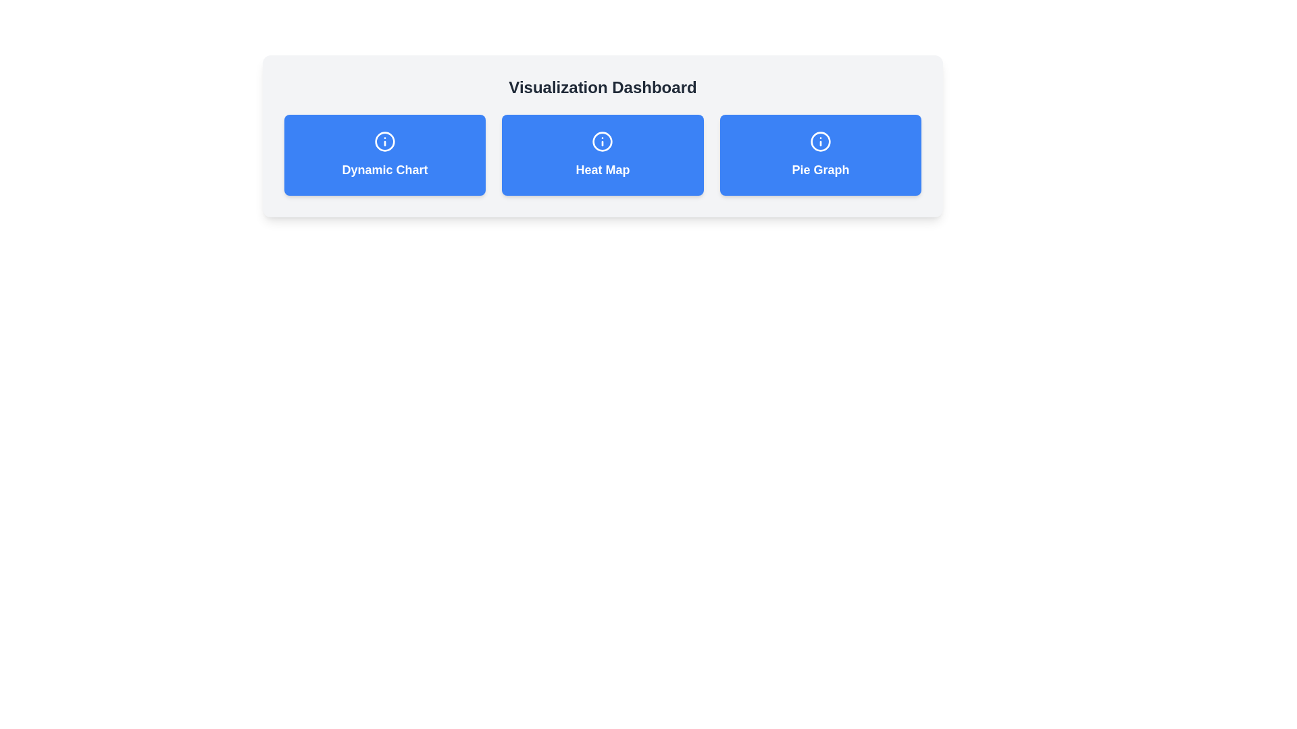 The image size is (1297, 729). Describe the element at coordinates (602, 141) in the screenshot. I see `the informational icon located at the top center of the 'Heat Map' card in the 'Visualization Dashboard'` at that location.